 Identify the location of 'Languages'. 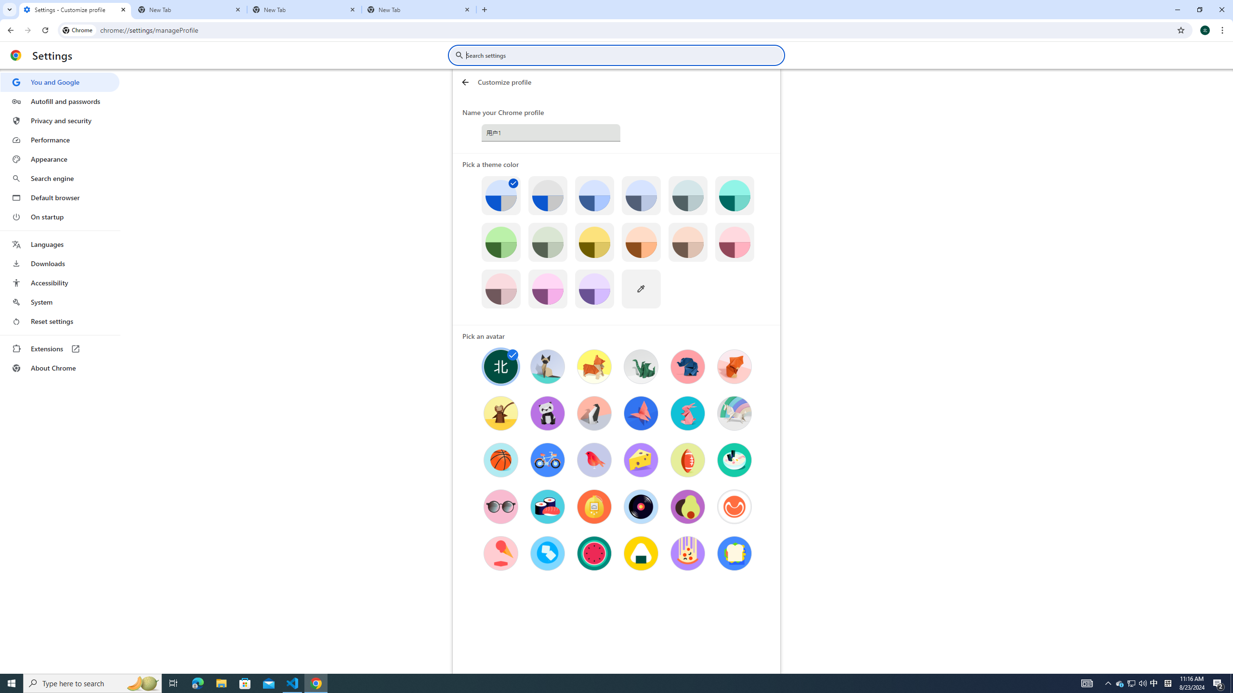
(59, 244).